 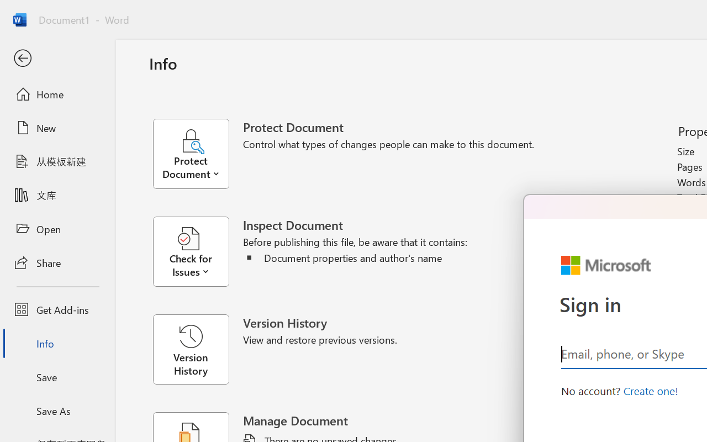 What do you see at coordinates (57, 58) in the screenshot?
I see `'Back'` at bounding box center [57, 58].